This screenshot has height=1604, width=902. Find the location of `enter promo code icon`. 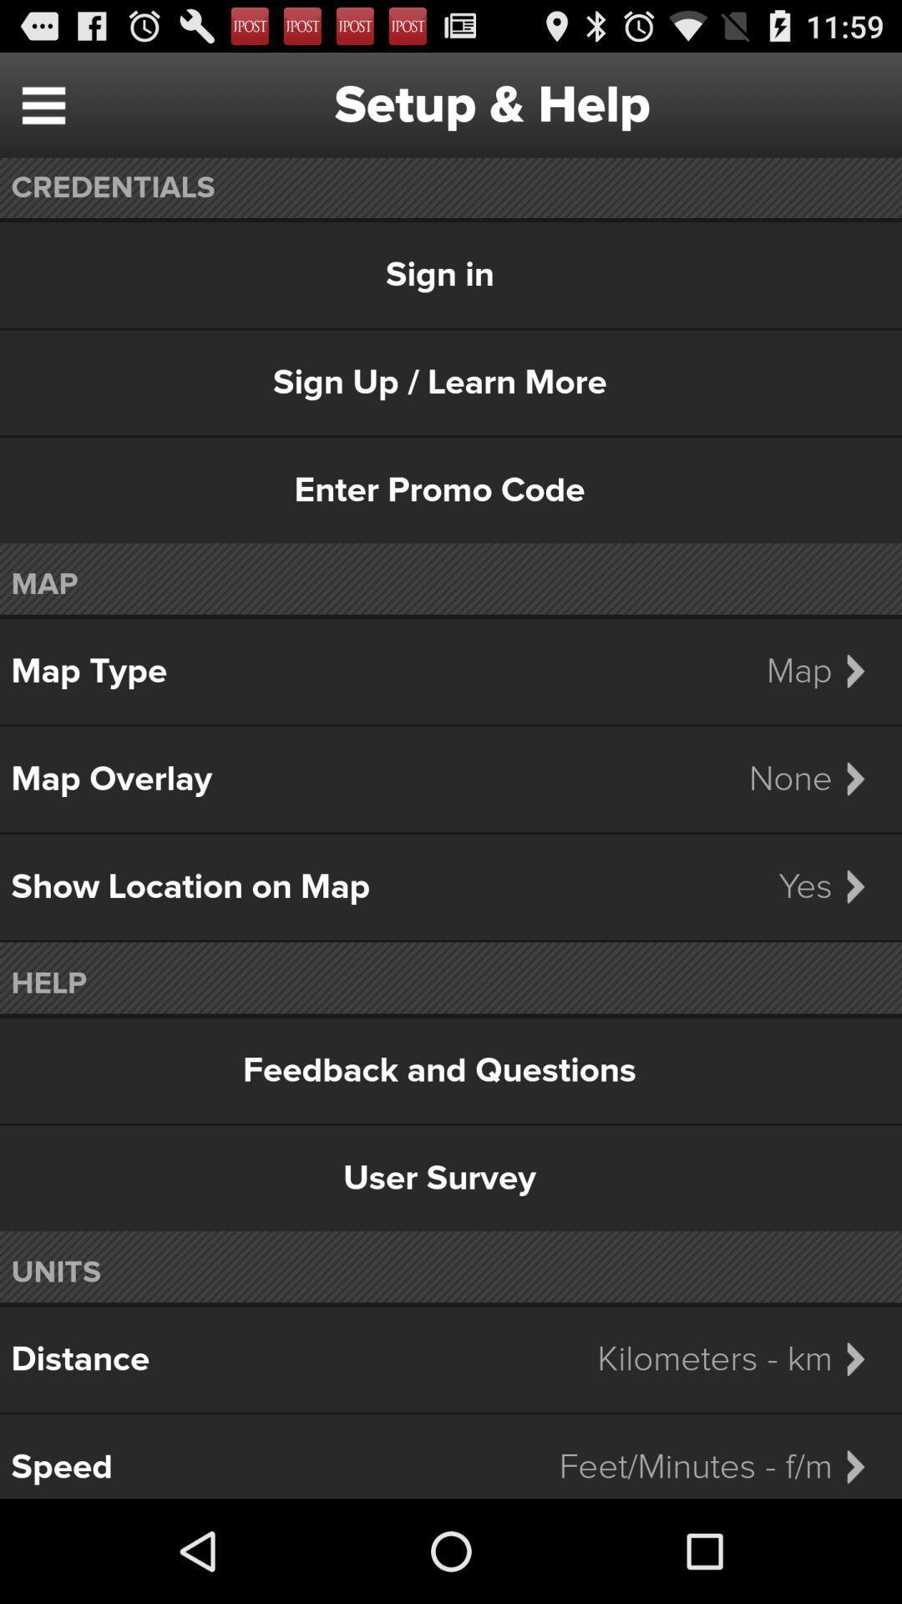

enter promo code icon is located at coordinates (451, 490).